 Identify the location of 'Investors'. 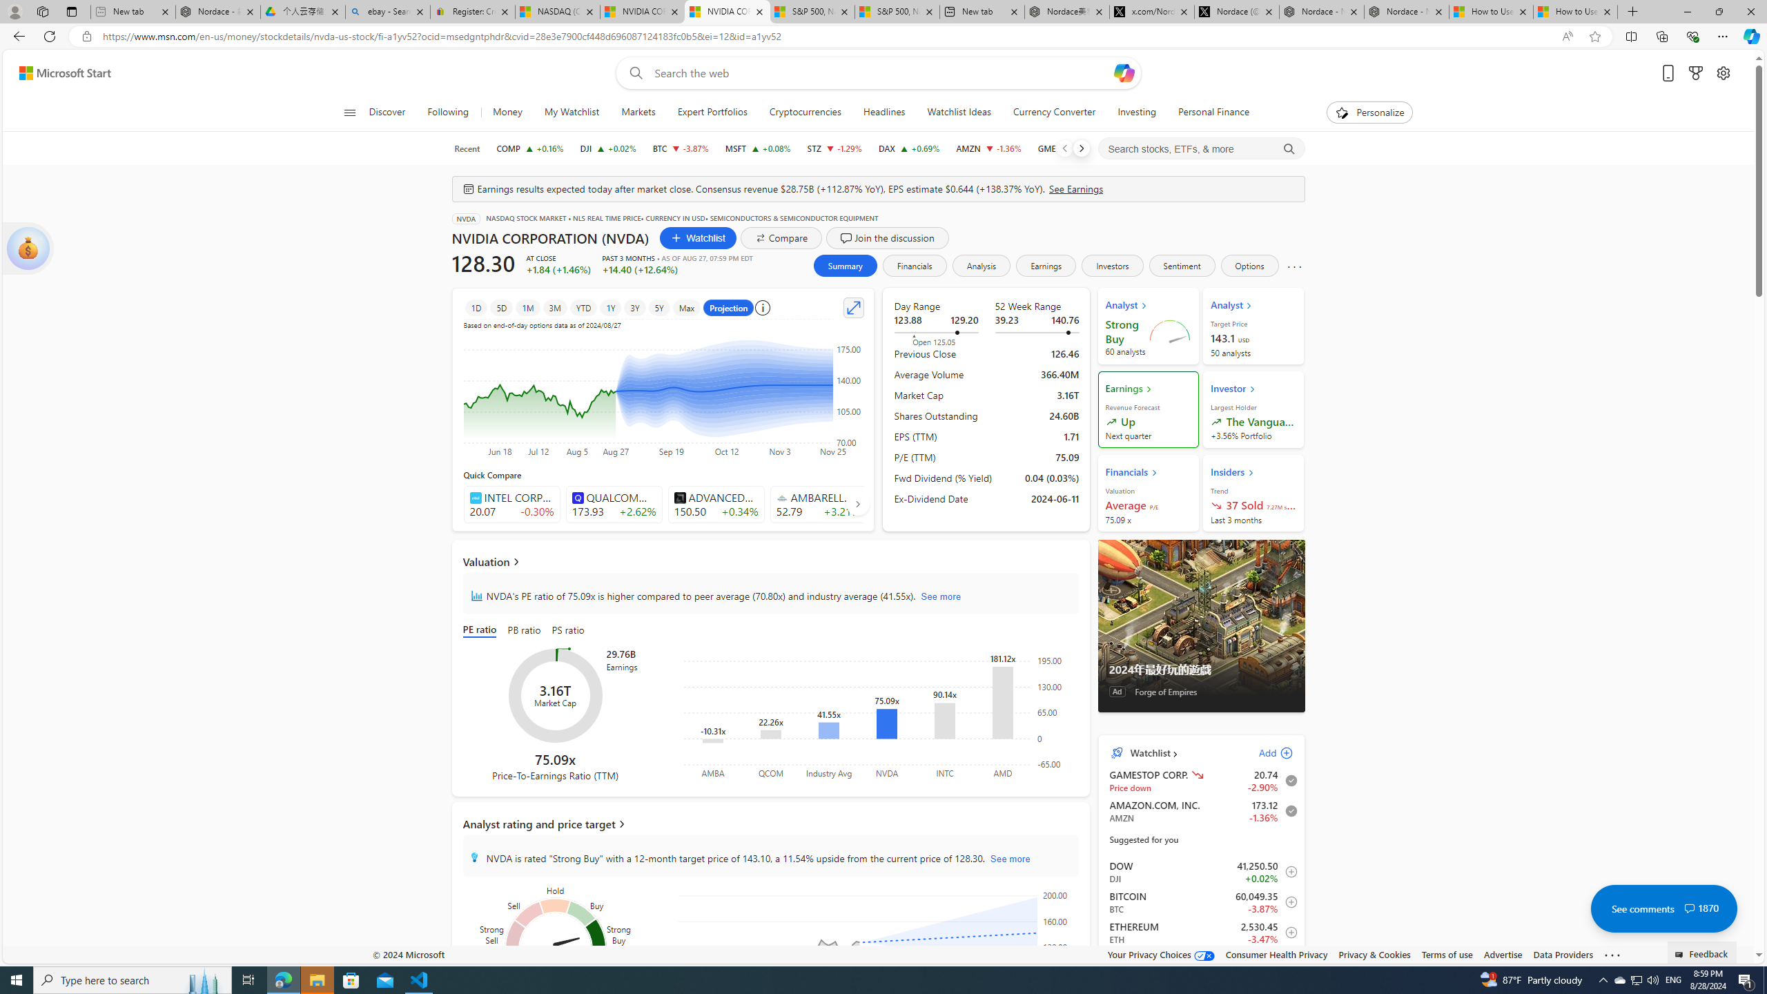
(1111, 264).